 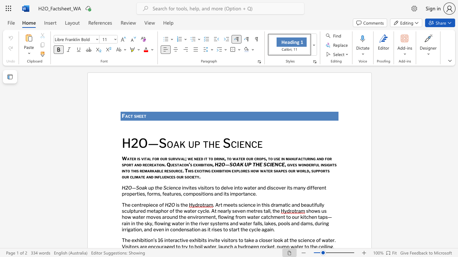 I want to click on the subset text "K UP THE SCI" within the text "H2O—SOAK UP THE SCIENCE", so click(x=240, y=164).